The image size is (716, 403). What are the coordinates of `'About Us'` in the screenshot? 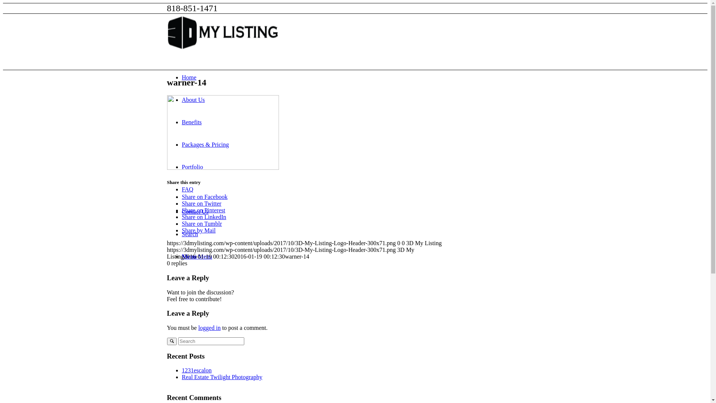 It's located at (193, 99).